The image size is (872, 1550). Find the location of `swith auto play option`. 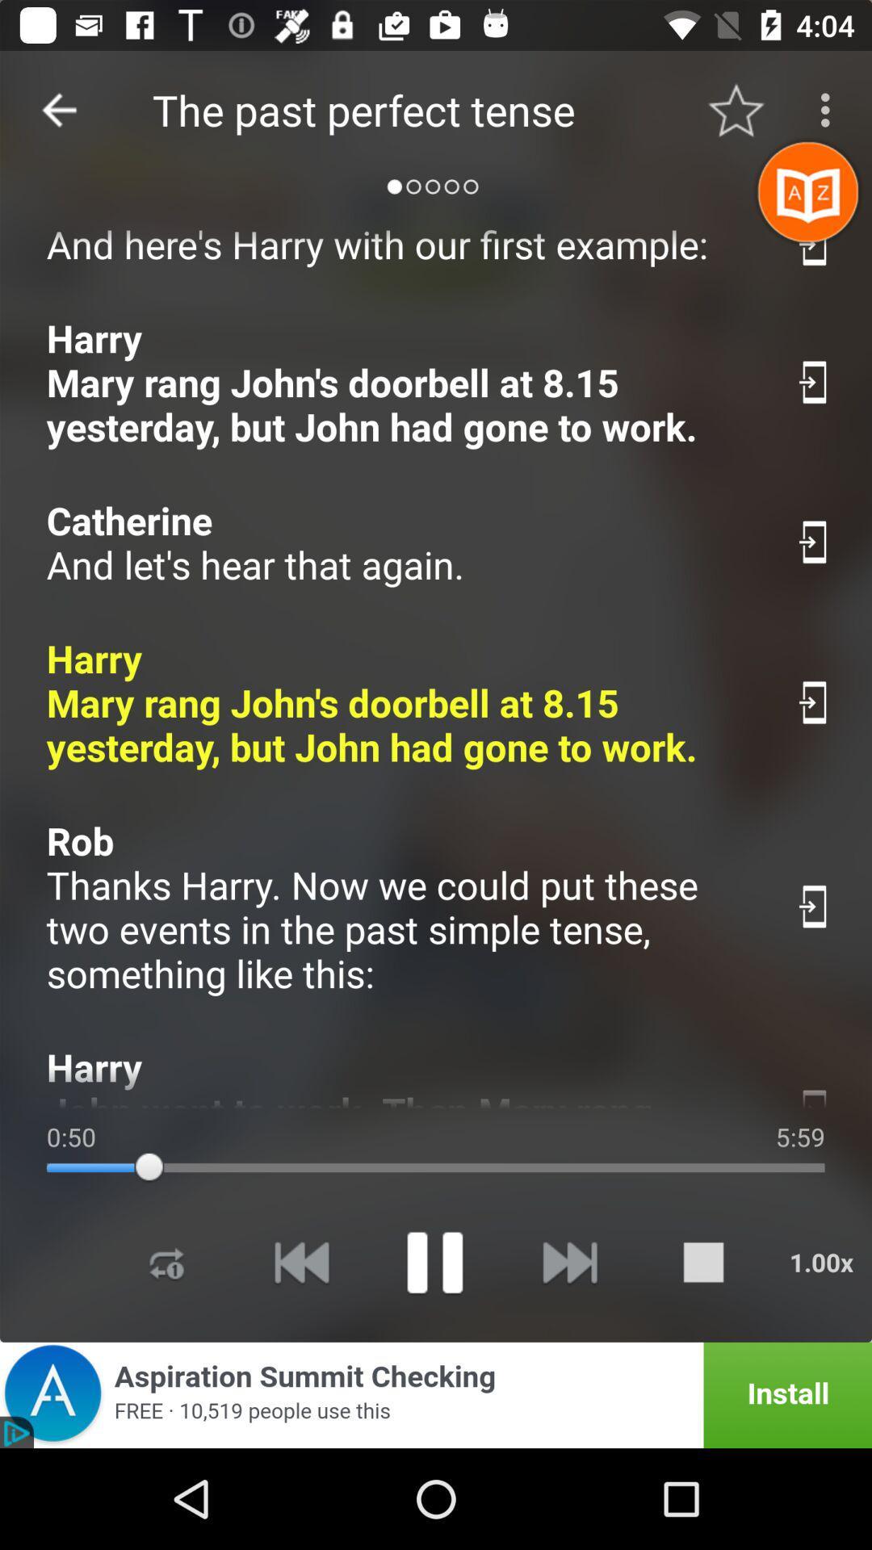

swith auto play option is located at coordinates (815, 542).